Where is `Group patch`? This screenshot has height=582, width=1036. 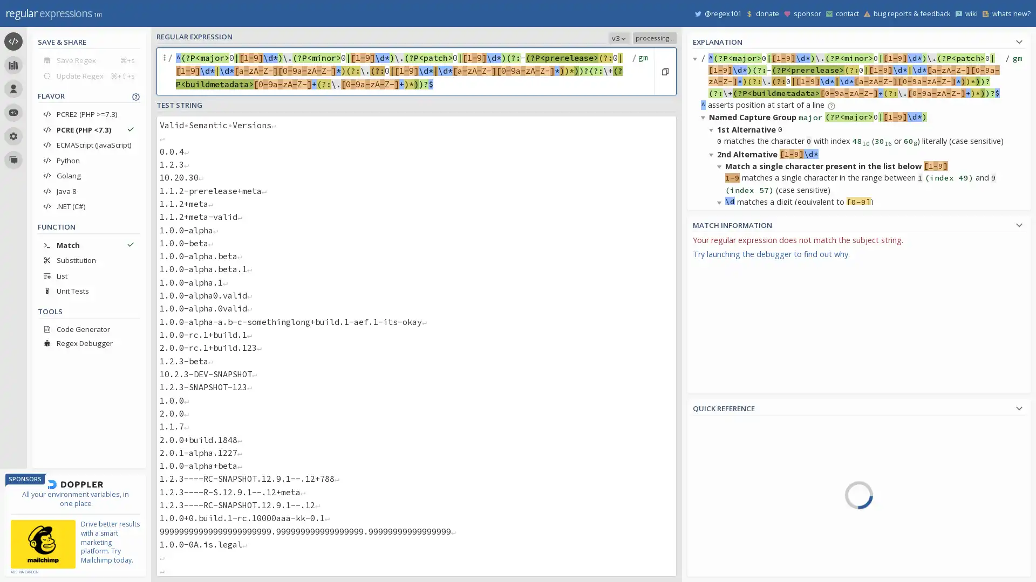
Group patch is located at coordinates (721, 307).